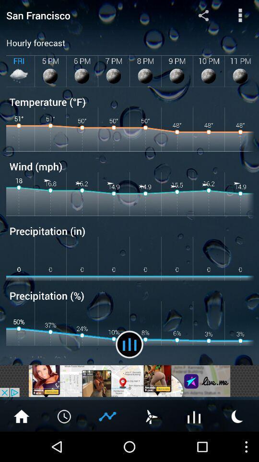 Image resolution: width=259 pixels, height=462 pixels. Describe the element at coordinates (21, 445) in the screenshot. I see `the home icon` at that location.